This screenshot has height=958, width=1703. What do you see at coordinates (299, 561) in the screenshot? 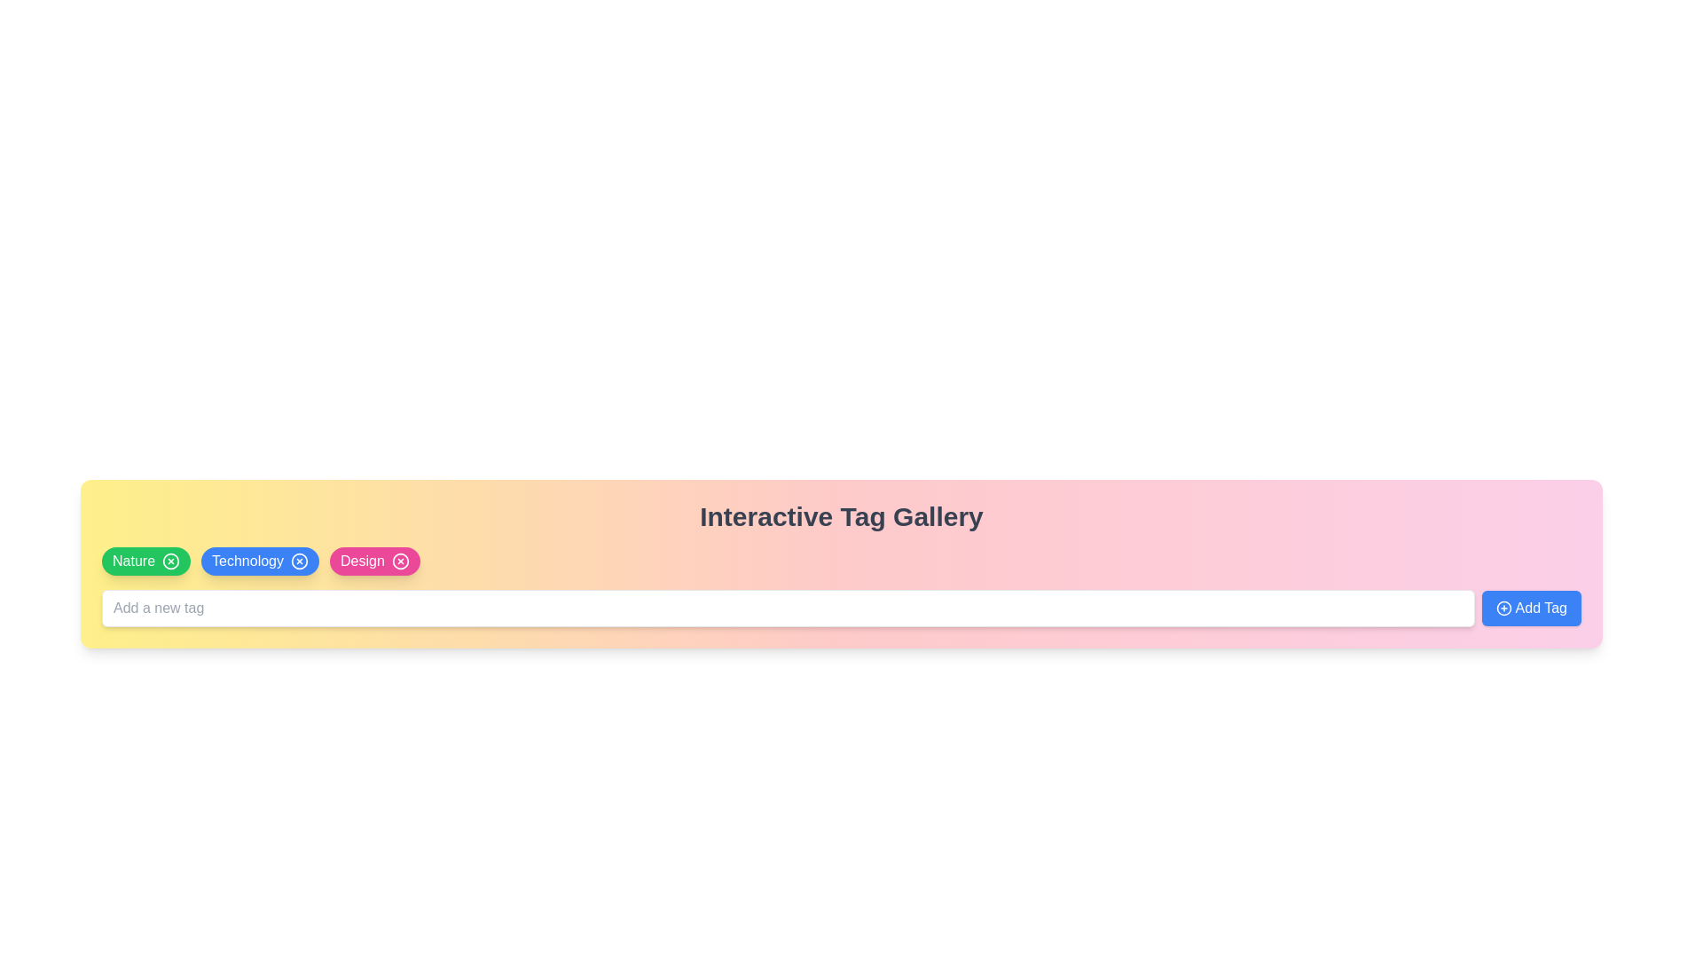
I see `the close icon button located at the rightmost position of the 'Technology' tag bubble` at bounding box center [299, 561].